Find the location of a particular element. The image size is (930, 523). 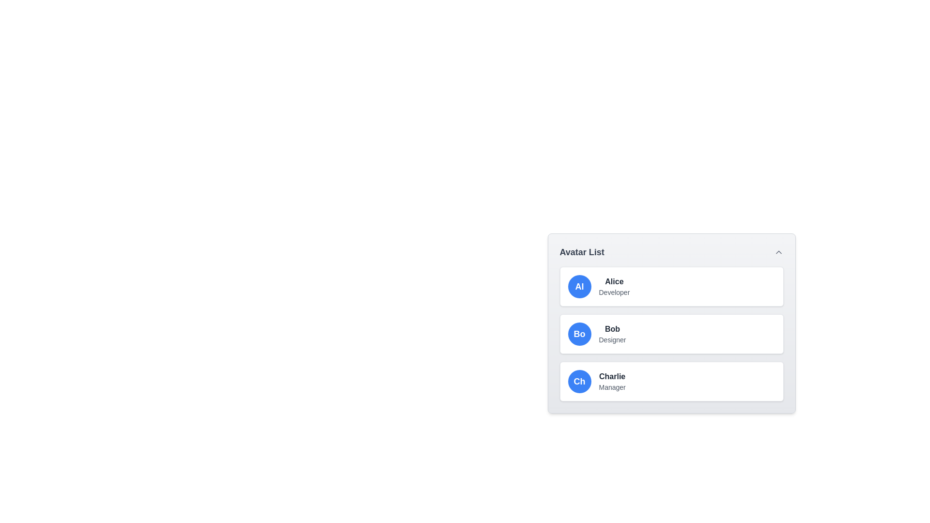

the text label displaying 'Bob' as the name and 'Designer' as the role, located in the second user profile card of a vertical list is located at coordinates (612, 334).